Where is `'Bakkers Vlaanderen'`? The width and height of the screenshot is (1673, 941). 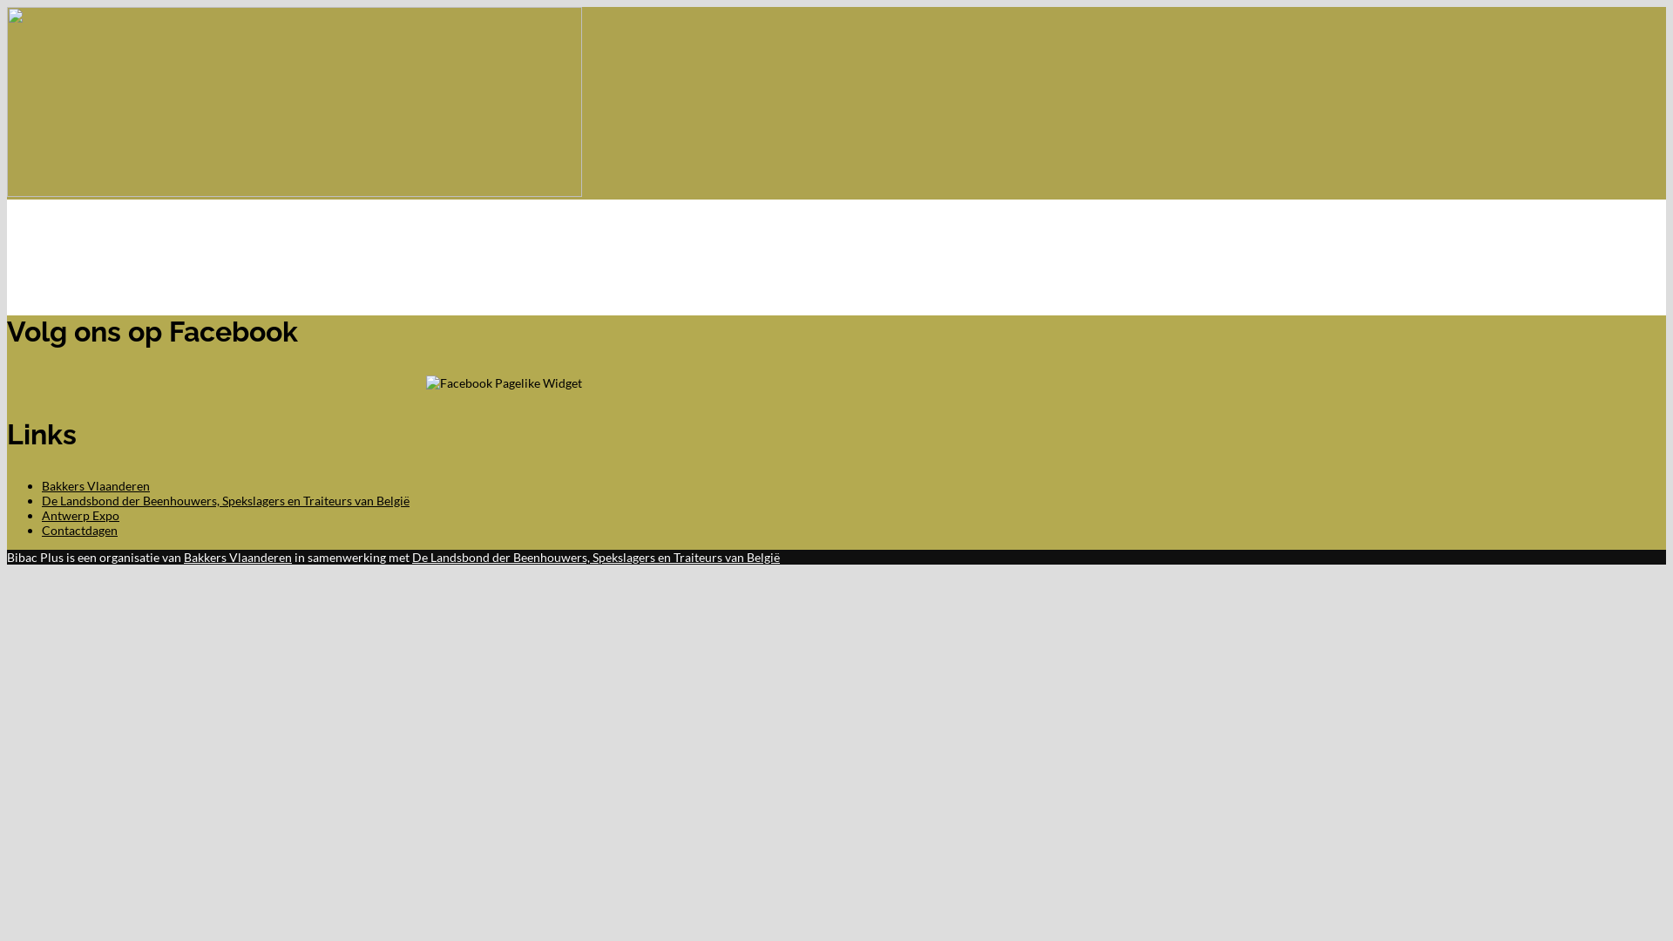
'Bakkers Vlaanderen' is located at coordinates (95, 485).